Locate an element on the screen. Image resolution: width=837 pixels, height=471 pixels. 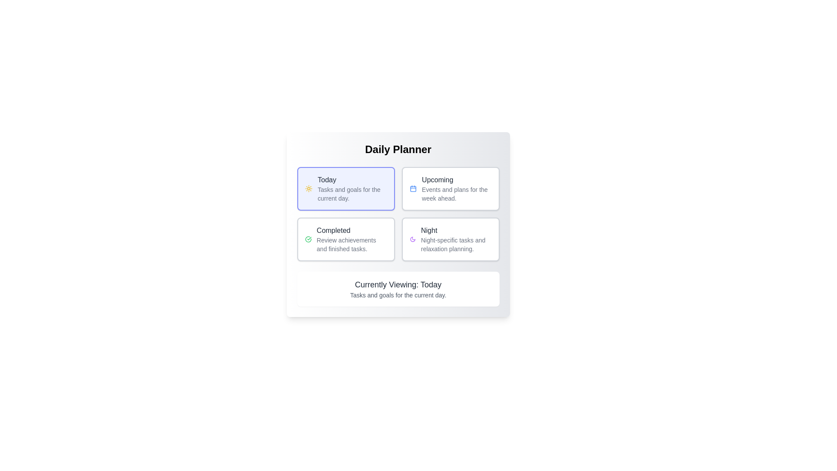
the text block in the Daily Planner interface that indicates completed tasks and achievements, located in the second row, bottom-left quadrant, below the 'Today' section and beside the 'Night' section is located at coordinates (351, 239).